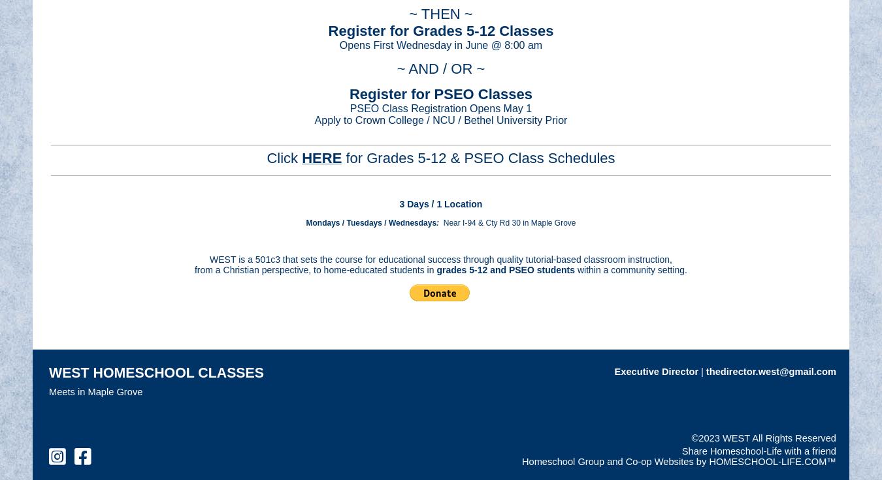 The image size is (882, 480). I want to click on 'PSEO Class Registration Opens May 1', so click(440, 108).